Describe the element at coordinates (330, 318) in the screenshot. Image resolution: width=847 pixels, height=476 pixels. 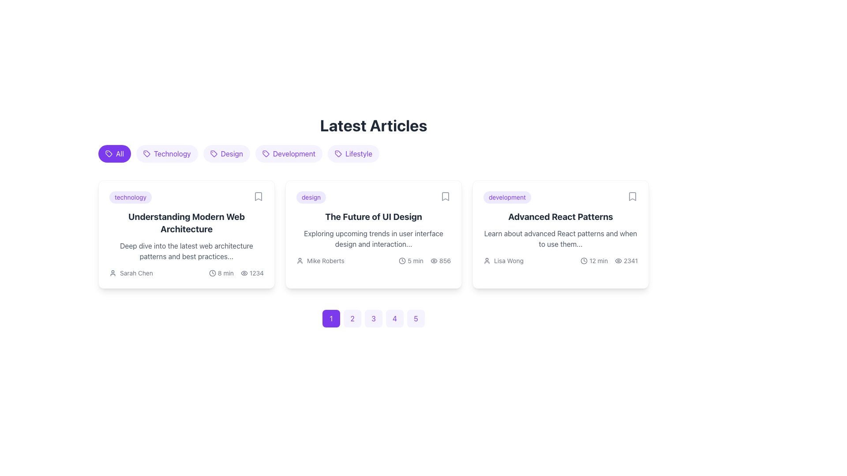
I see `the first button in the series of page navigation buttons` at that location.